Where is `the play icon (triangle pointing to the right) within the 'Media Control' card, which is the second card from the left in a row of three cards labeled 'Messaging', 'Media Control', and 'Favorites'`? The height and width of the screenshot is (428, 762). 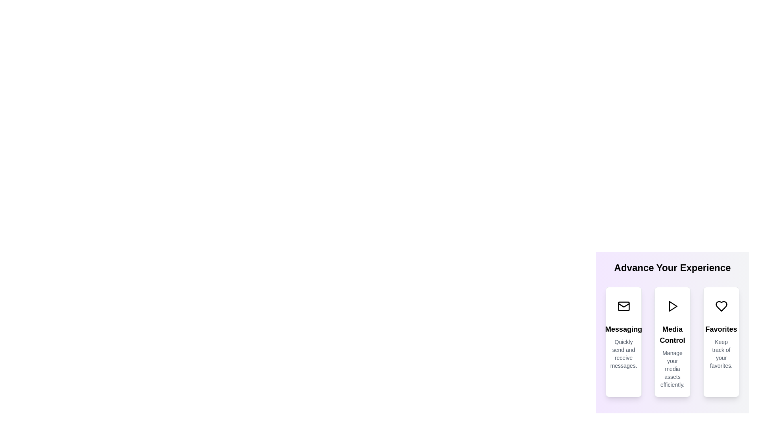 the play icon (triangle pointing to the right) within the 'Media Control' card, which is the second card from the left in a row of three cards labeled 'Messaging', 'Media Control', and 'Favorites' is located at coordinates (672, 306).